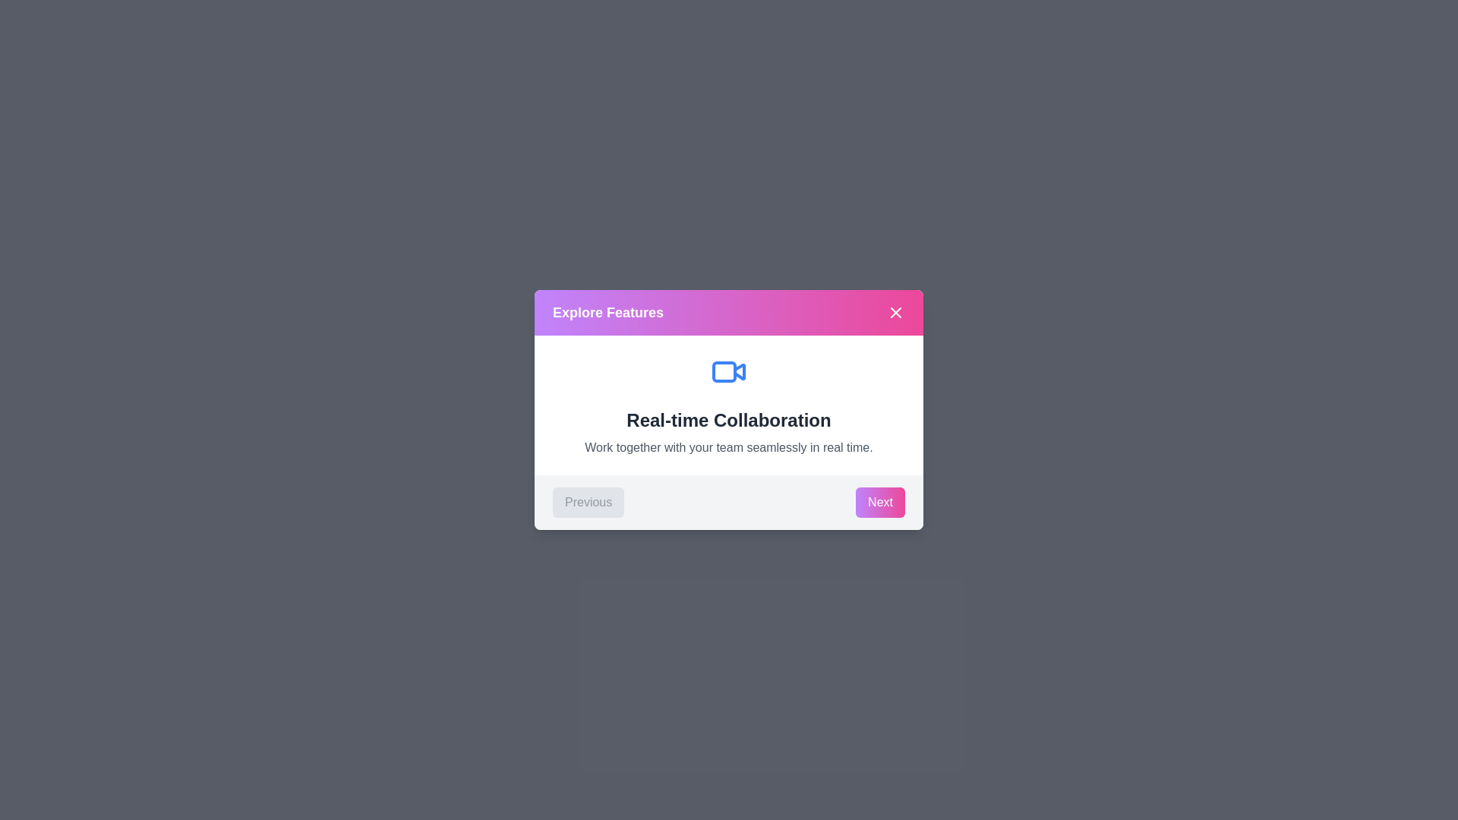  I want to click on the blue video camera icon located above the 'Real-time Collaboration' heading in the modal window, so click(729, 371).